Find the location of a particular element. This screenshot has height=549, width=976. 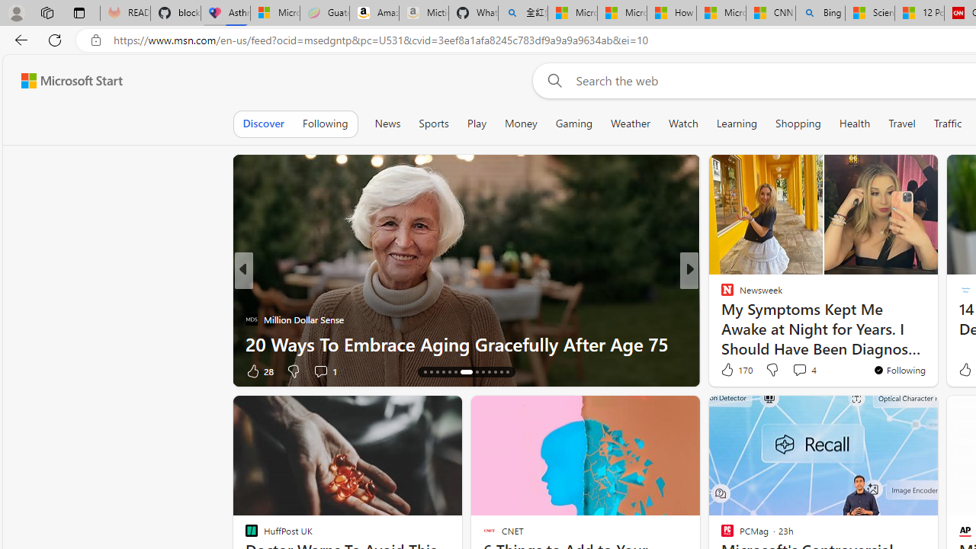

'View comments 231 Comment' is located at coordinates (789, 371).